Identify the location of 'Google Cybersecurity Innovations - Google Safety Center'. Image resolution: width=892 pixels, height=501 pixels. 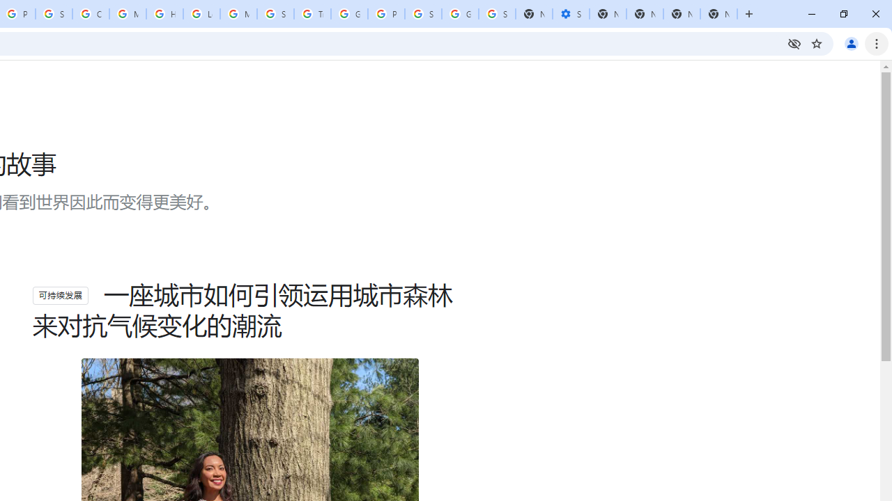
(460, 14).